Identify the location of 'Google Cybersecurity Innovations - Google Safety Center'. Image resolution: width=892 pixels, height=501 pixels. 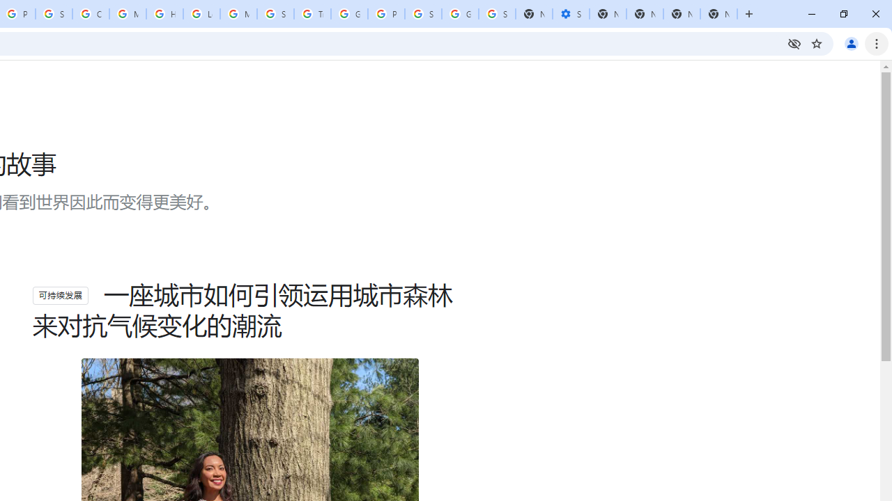
(460, 14).